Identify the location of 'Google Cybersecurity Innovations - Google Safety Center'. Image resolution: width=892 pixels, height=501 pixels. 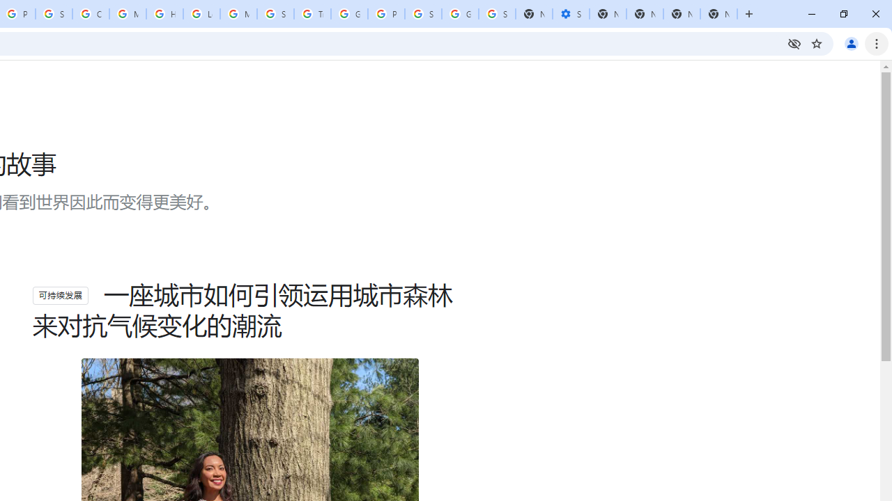
(460, 14).